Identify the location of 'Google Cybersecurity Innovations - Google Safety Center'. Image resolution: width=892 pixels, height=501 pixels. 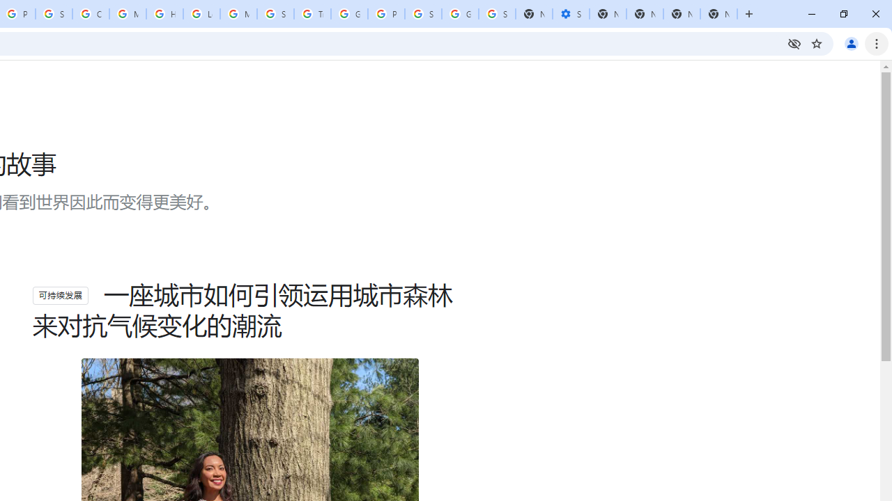
(460, 14).